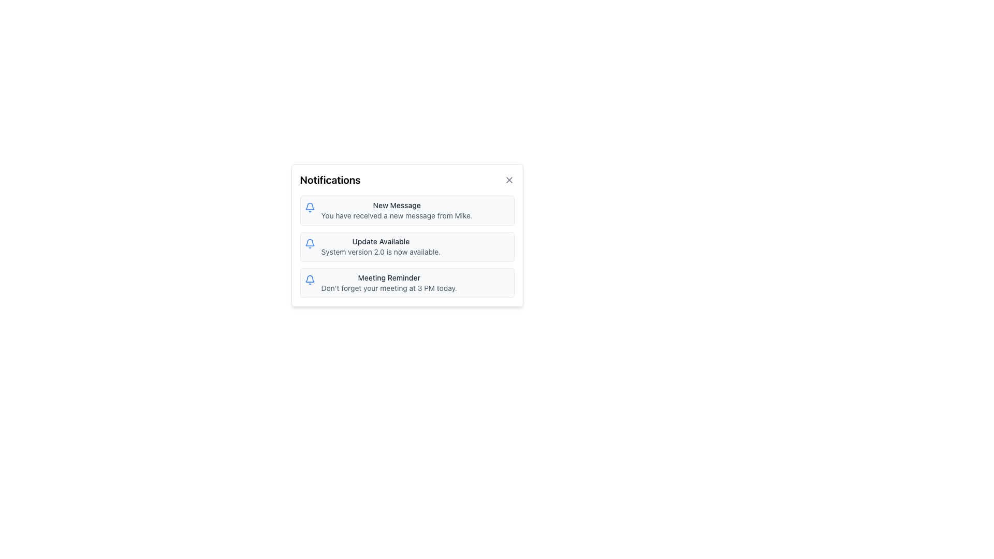 The image size is (994, 559). Describe the element at coordinates (406, 236) in the screenshot. I see `the 'Update Available' notification item in the notification panel to acknowledge or open further details` at that location.